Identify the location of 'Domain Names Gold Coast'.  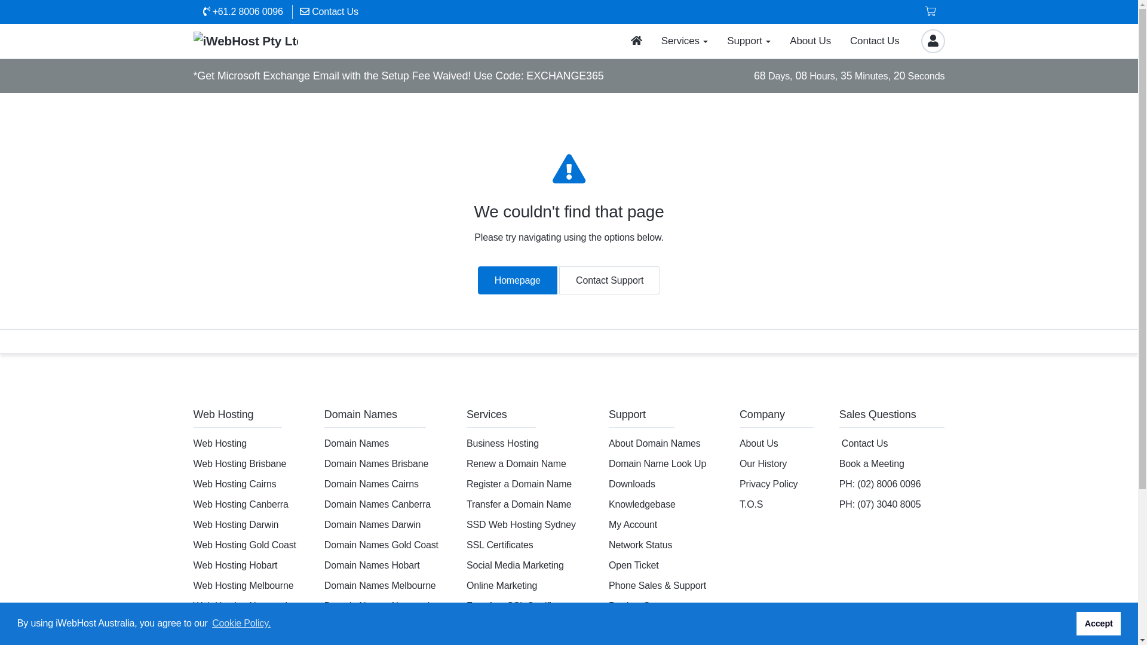
(381, 545).